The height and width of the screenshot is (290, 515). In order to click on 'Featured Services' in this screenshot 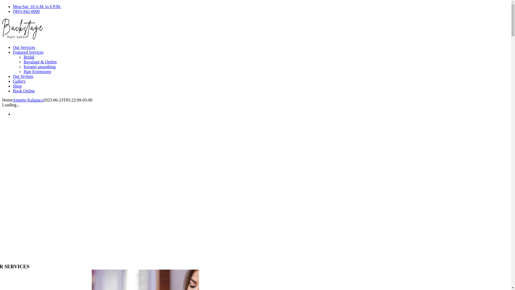, I will do `click(13, 52)`.